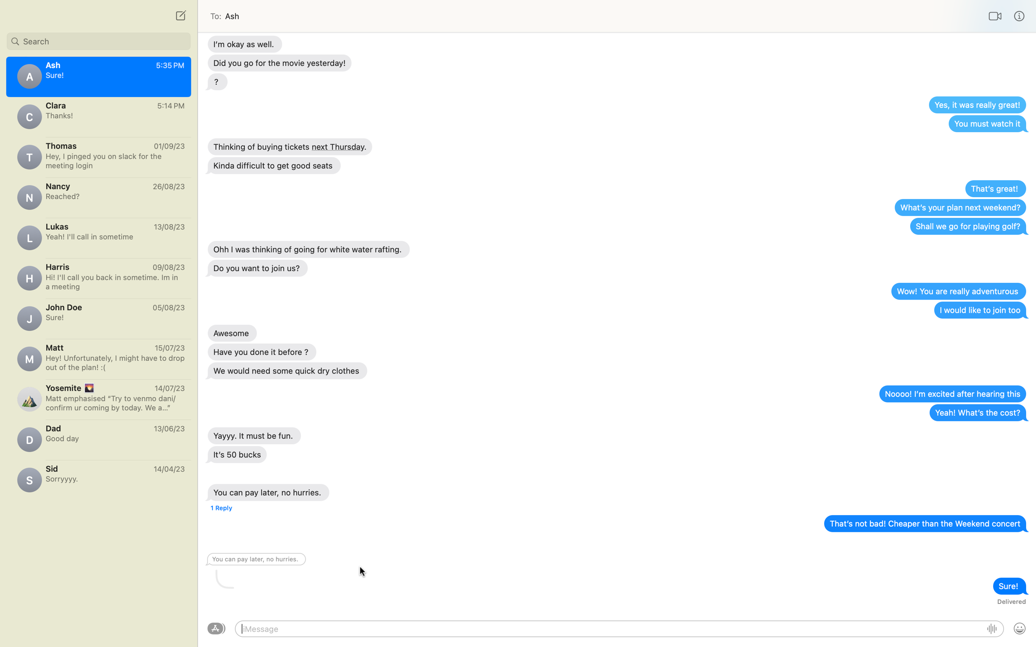 The height and width of the screenshot is (647, 1036). What do you see at coordinates (1019, 629) in the screenshot?
I see `the emoji function` at bounding box center [1019, 629].